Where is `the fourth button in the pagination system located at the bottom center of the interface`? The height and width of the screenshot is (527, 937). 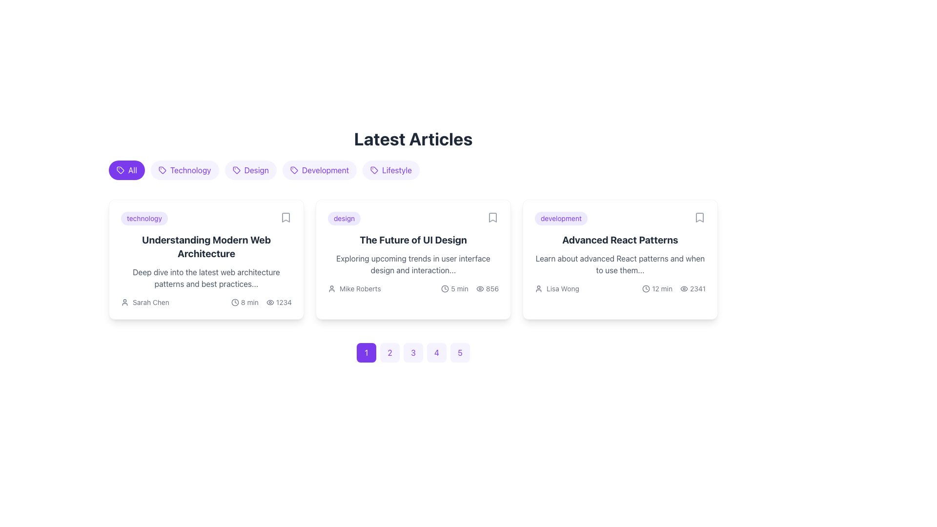
the fourth button in the pagination system located at the bottom center of the interface is located at coordinates (436, 352).